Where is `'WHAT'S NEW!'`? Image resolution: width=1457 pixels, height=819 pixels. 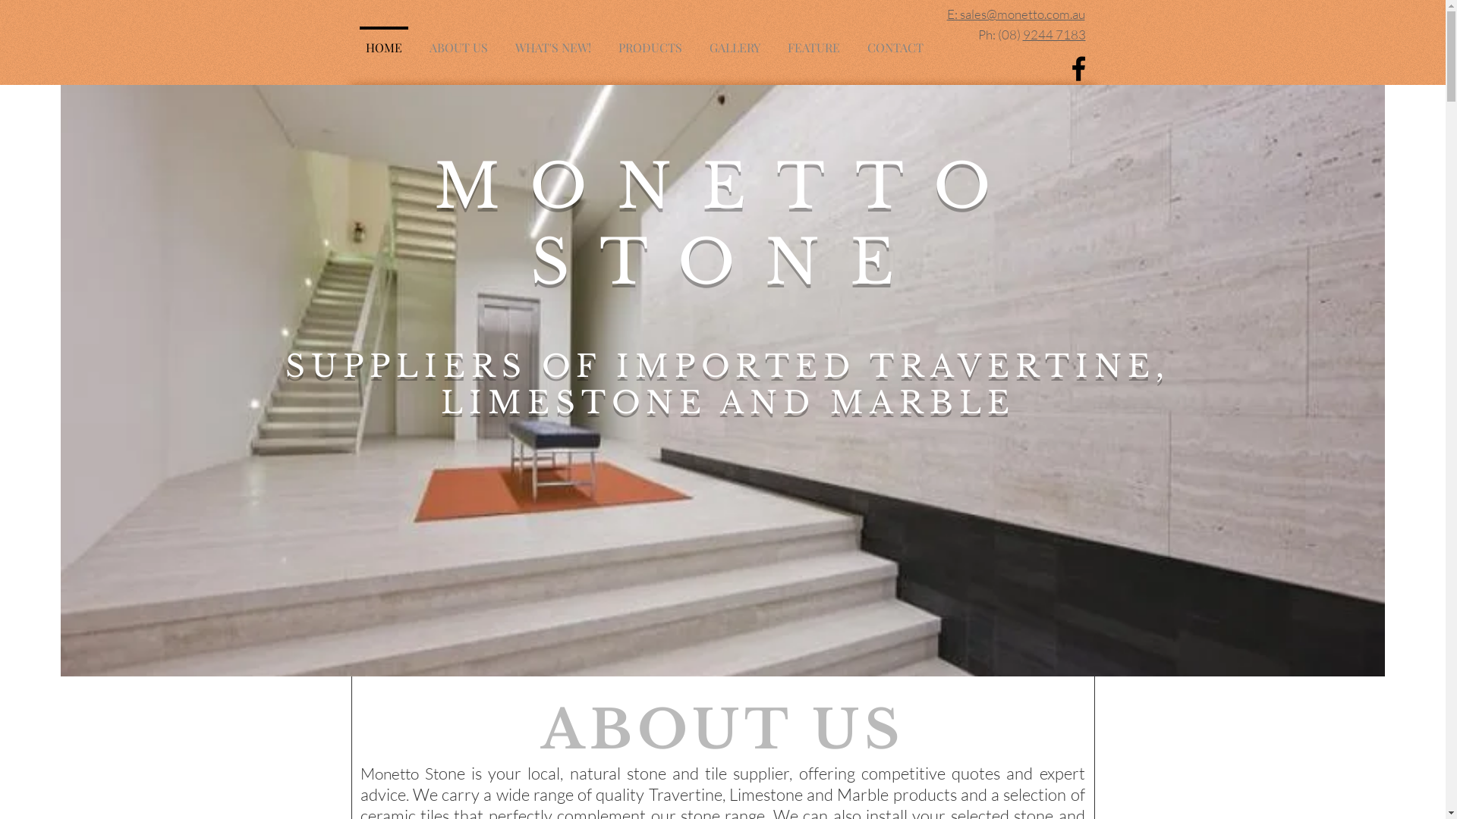
'WHAT'S NEW!' is located at coordinates (552, 40).